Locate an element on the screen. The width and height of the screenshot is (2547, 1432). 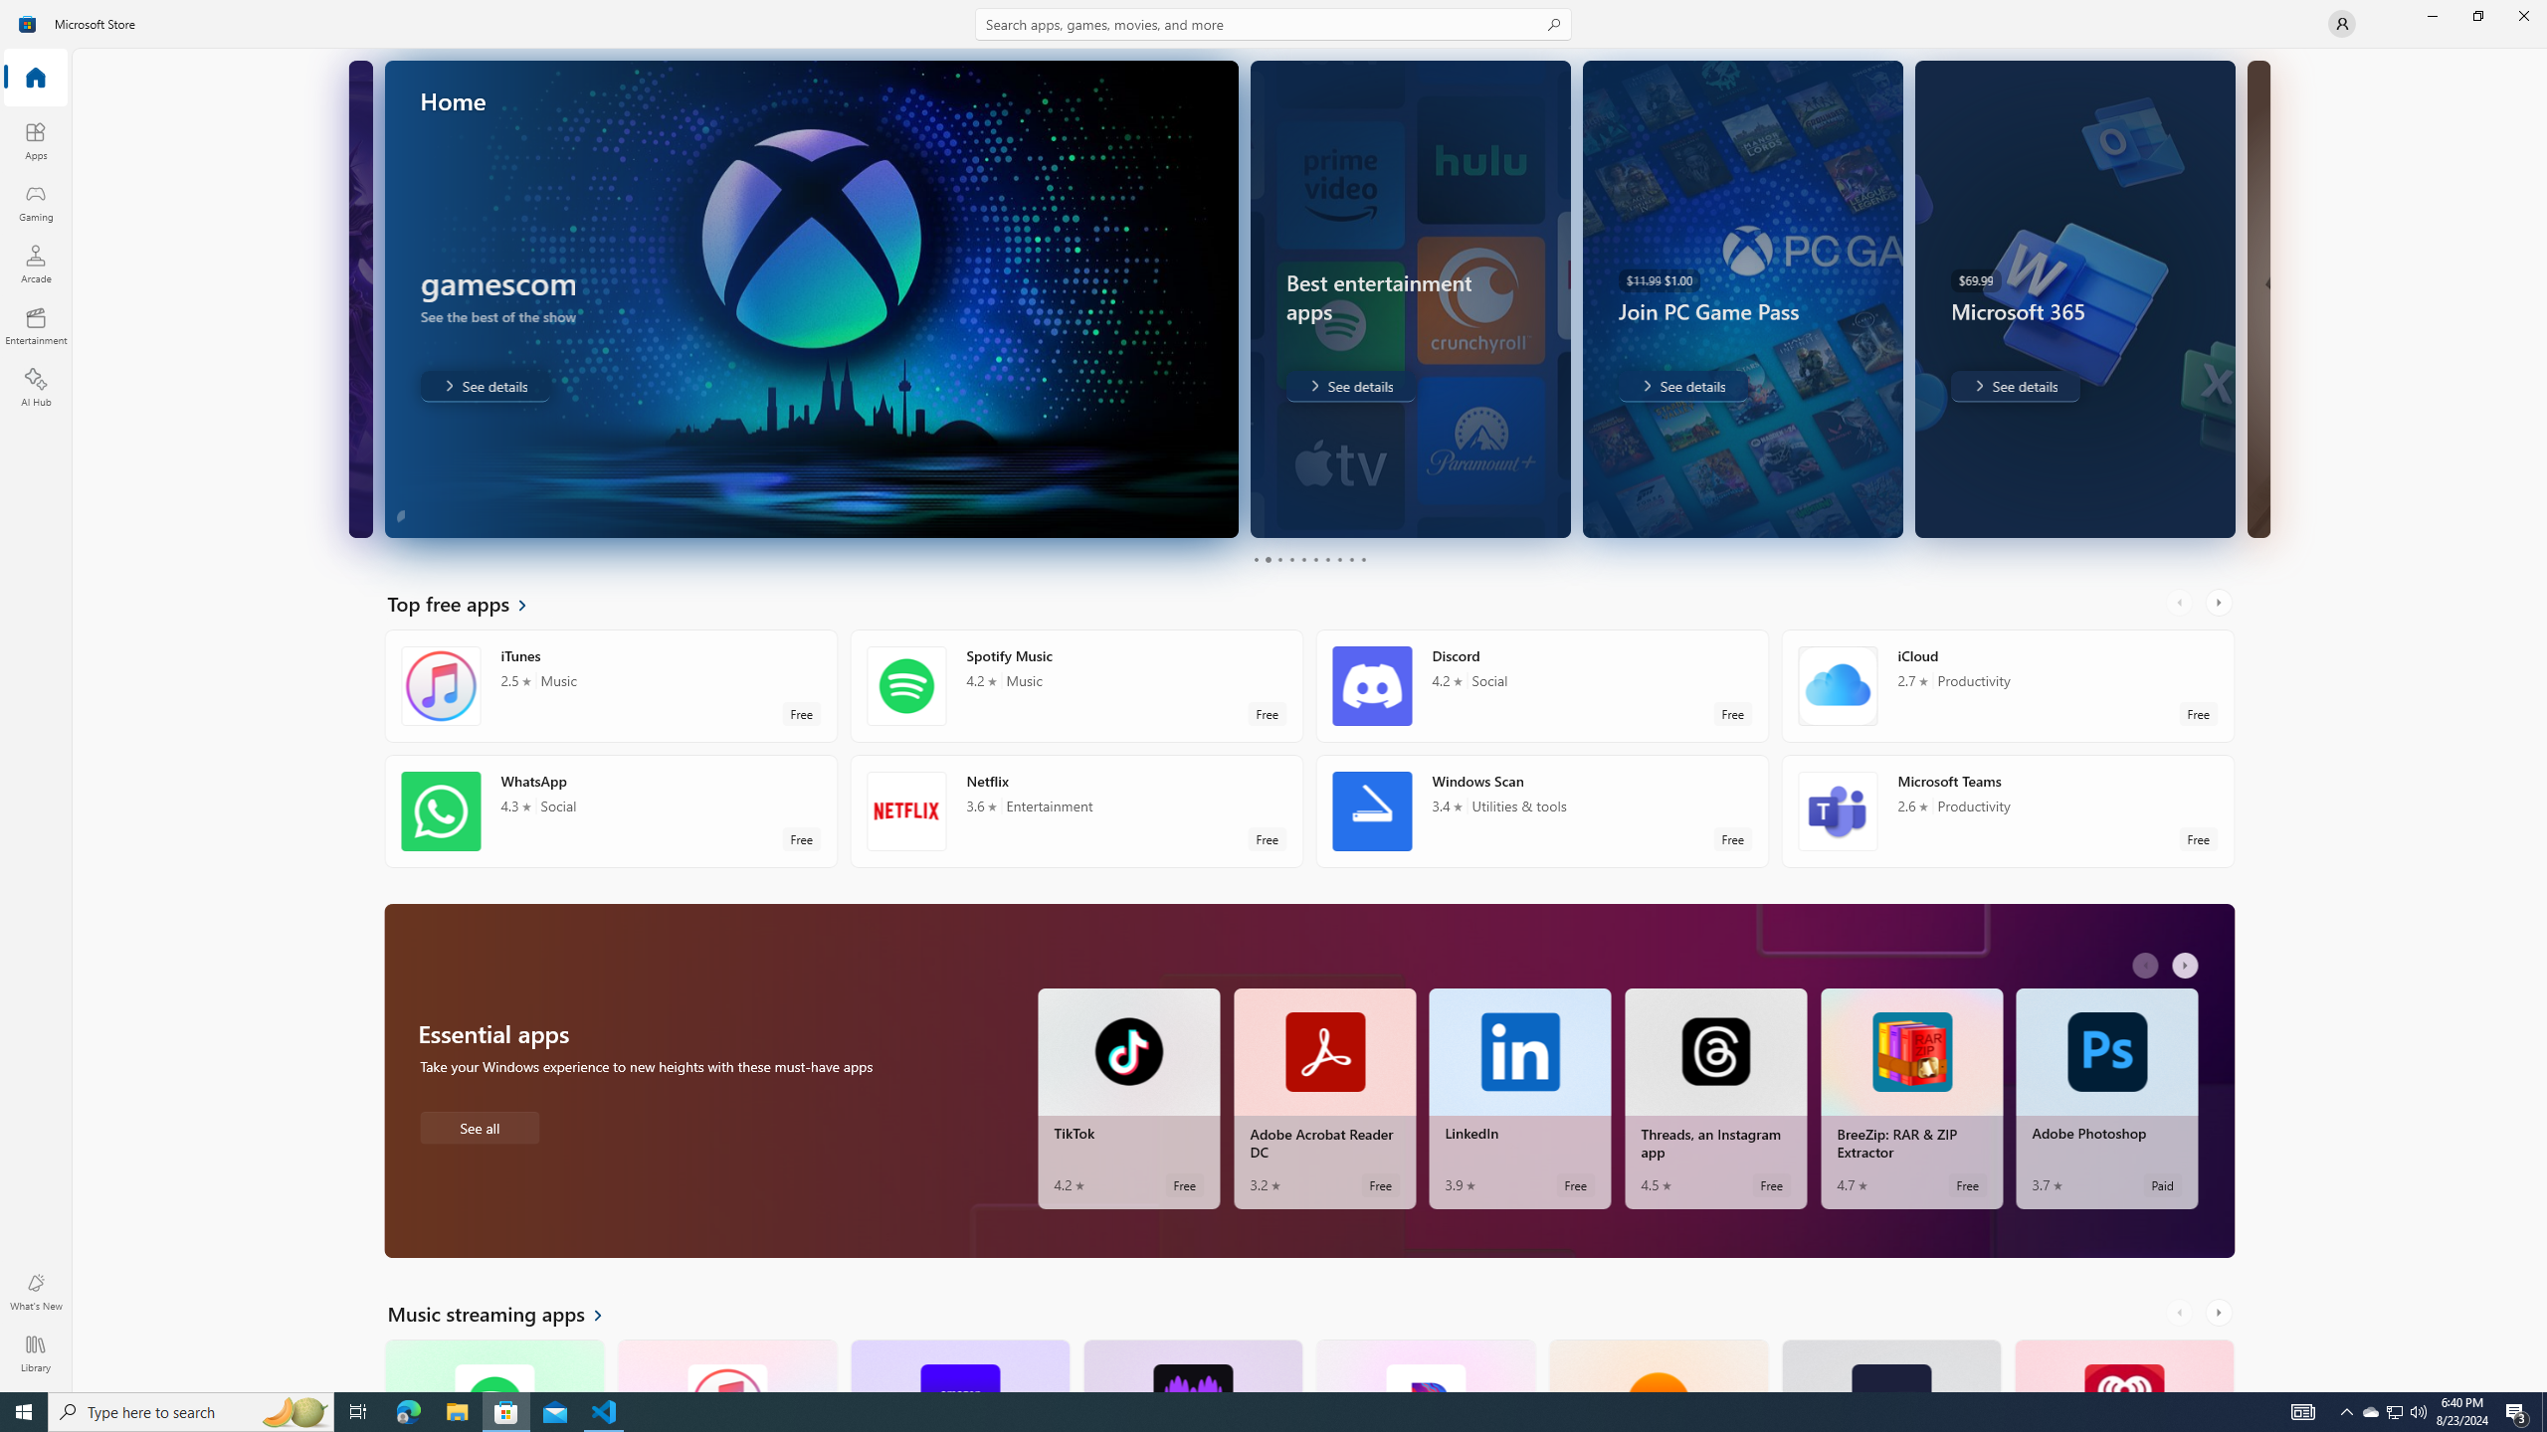
'WhatsApp. Average rating of 4.3 out of five stars. Free  ' is located at coordinates (610, 810).